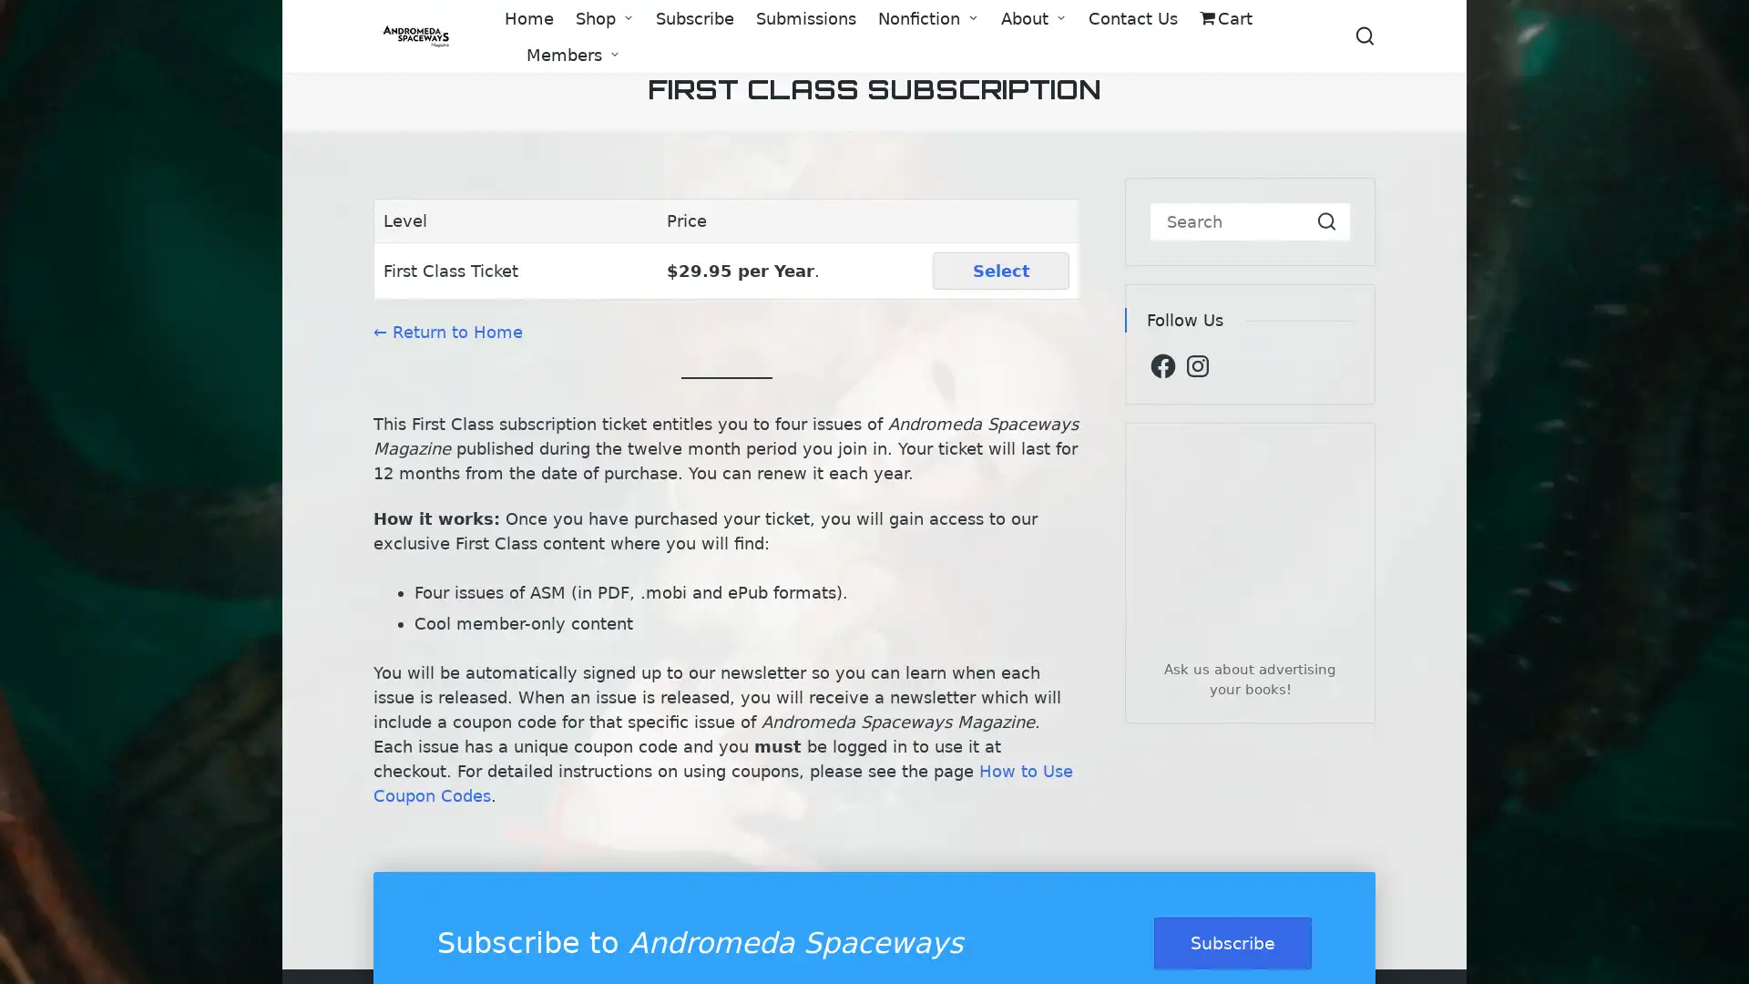 This screenshot has width=1749, height=984. I want to click on Search, so click(1326, 220).